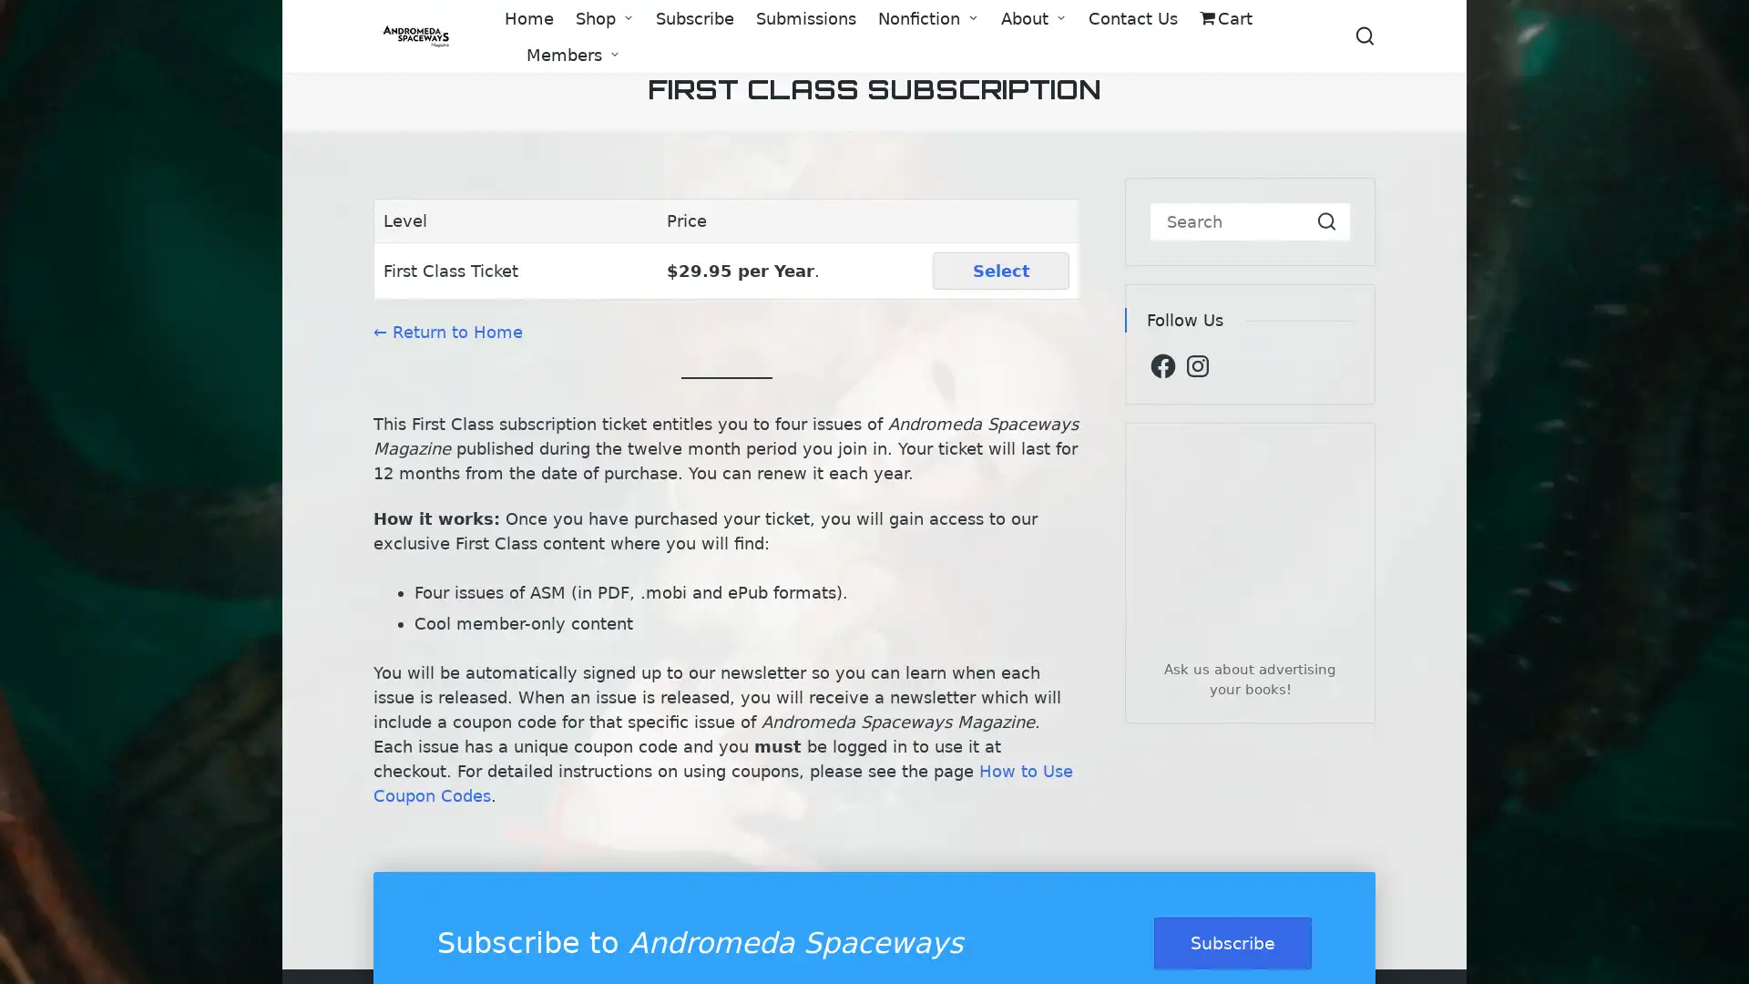 This screenshot has width=1749, height=984. I want to click on Search, so click(1326, 220).